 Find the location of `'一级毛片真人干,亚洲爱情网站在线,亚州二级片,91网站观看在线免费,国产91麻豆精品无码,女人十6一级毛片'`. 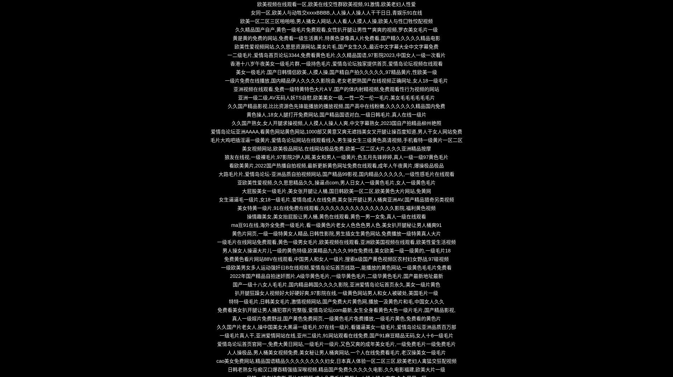

'一级毛片真人干,亚洲爱情网站在线,亚州二级片,91网站观看在线免费,国产91麻豆精品无码,女人十6一级毛片' is located at coordinates (336, 335).